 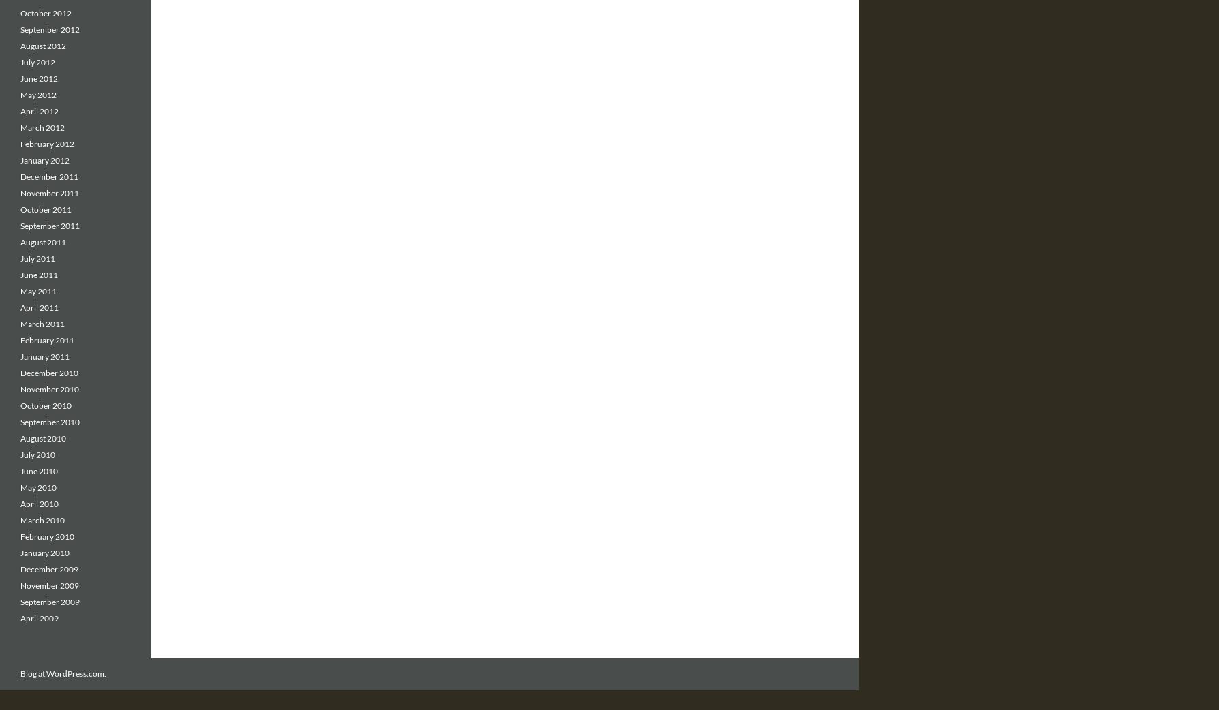 I want to click on 'January 2012', so click(x=44, y=159).